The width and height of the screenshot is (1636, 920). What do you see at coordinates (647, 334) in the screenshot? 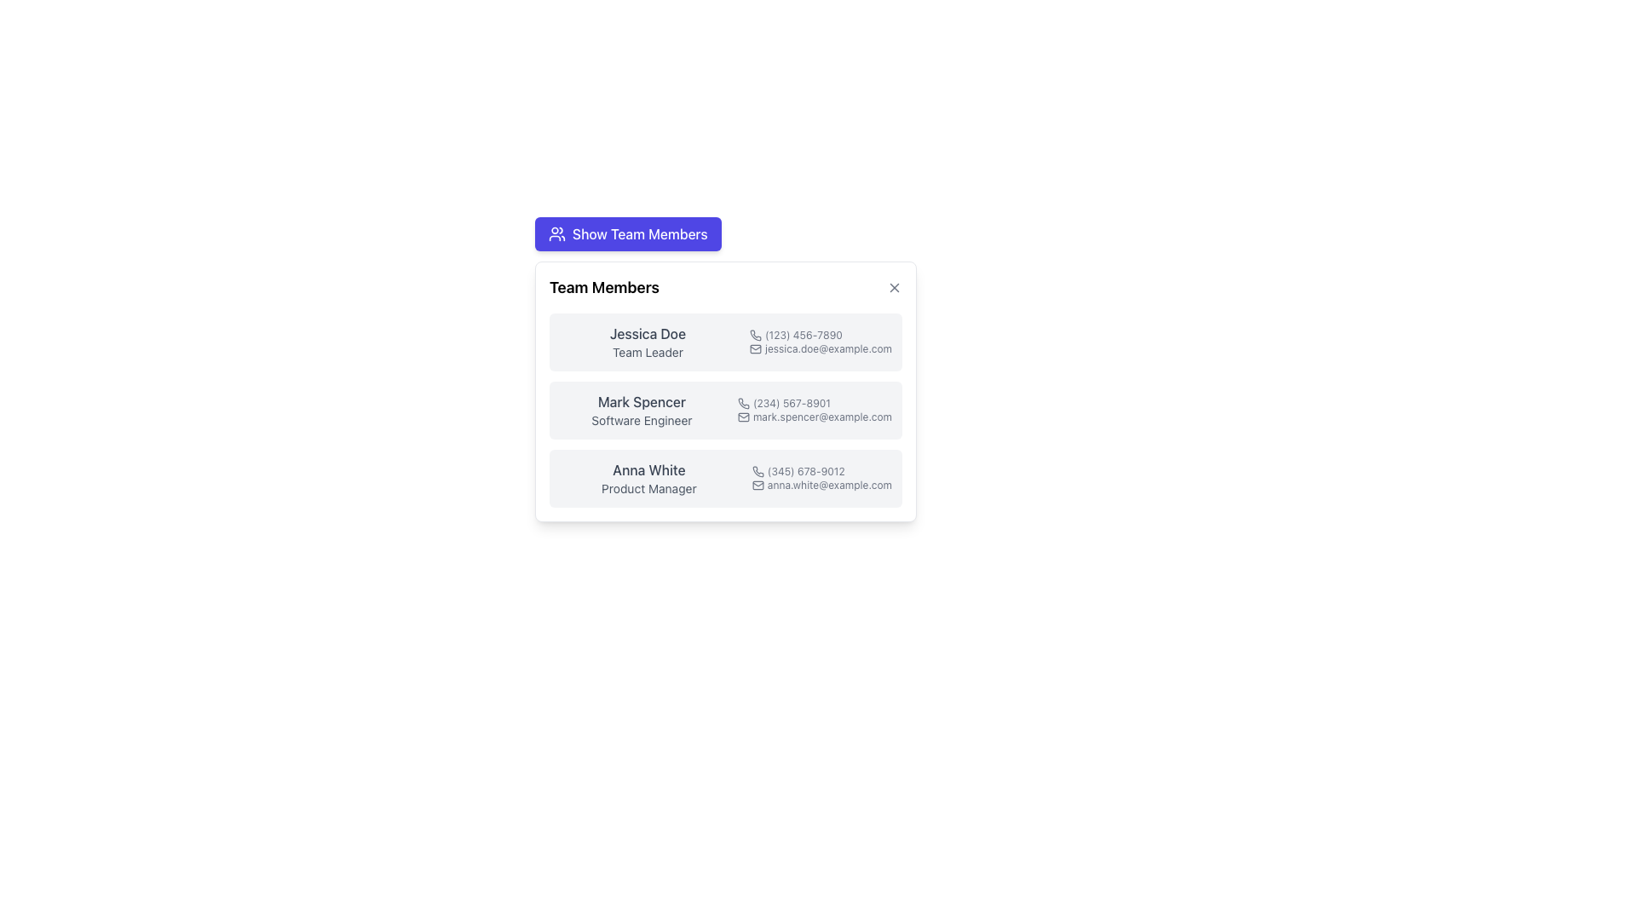
I see `the text label displaying the name of the team member` at bounding box center [647, 334].